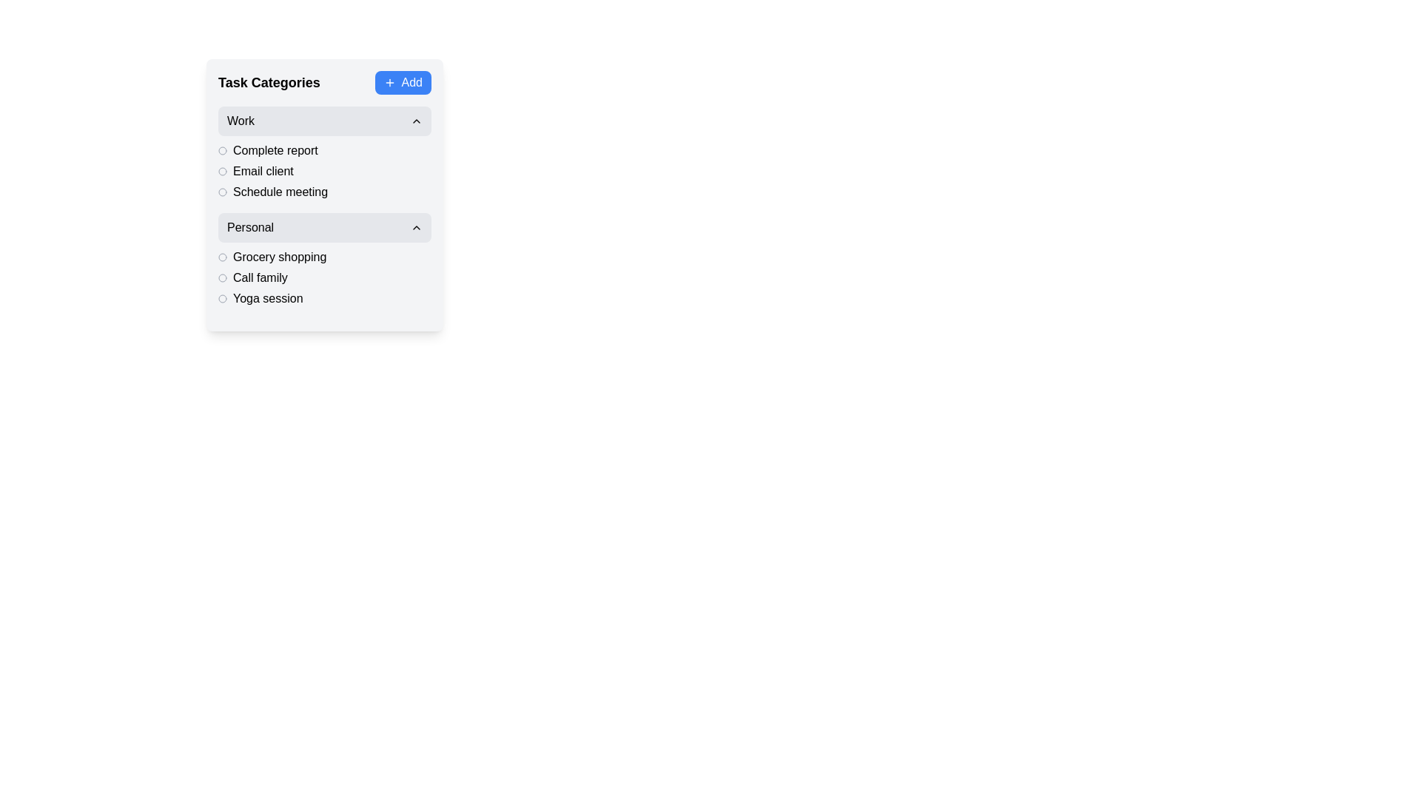 Image resolution: width=1421 pixels, height=799 pixels. I want to click on the circular selection marker next to 'Yoga session', so click(222, 299).